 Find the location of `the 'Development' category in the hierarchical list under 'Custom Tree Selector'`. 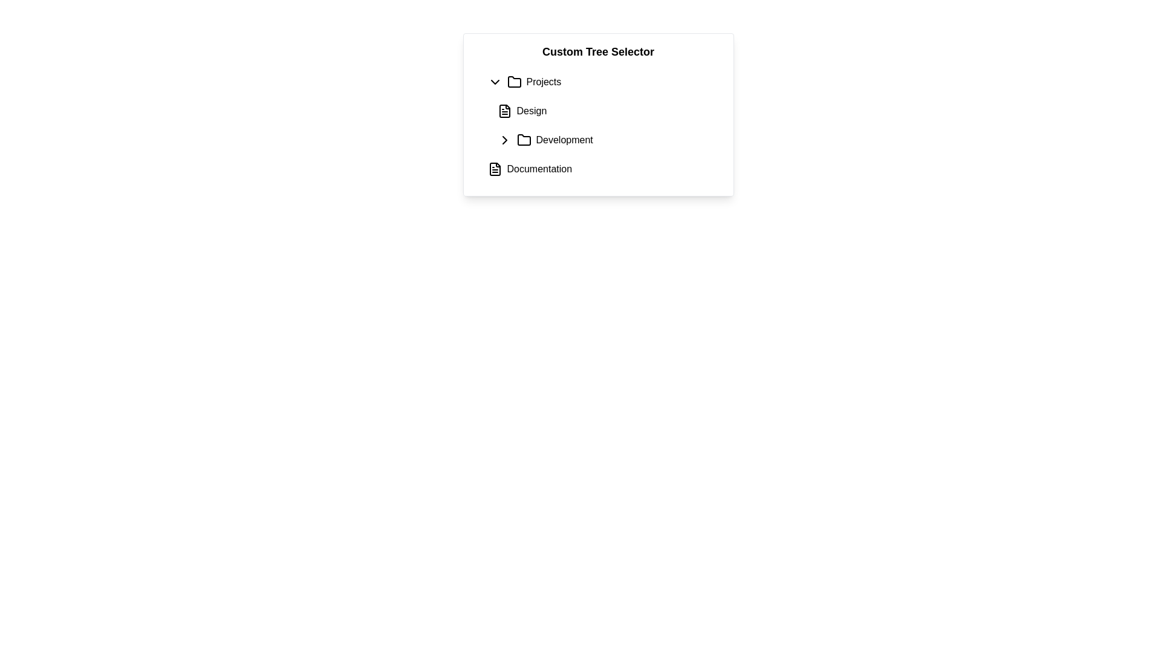

the 'Development' category in the hierarchical list under 'Custom Tree Selector' is located at coordinates (608, 139).